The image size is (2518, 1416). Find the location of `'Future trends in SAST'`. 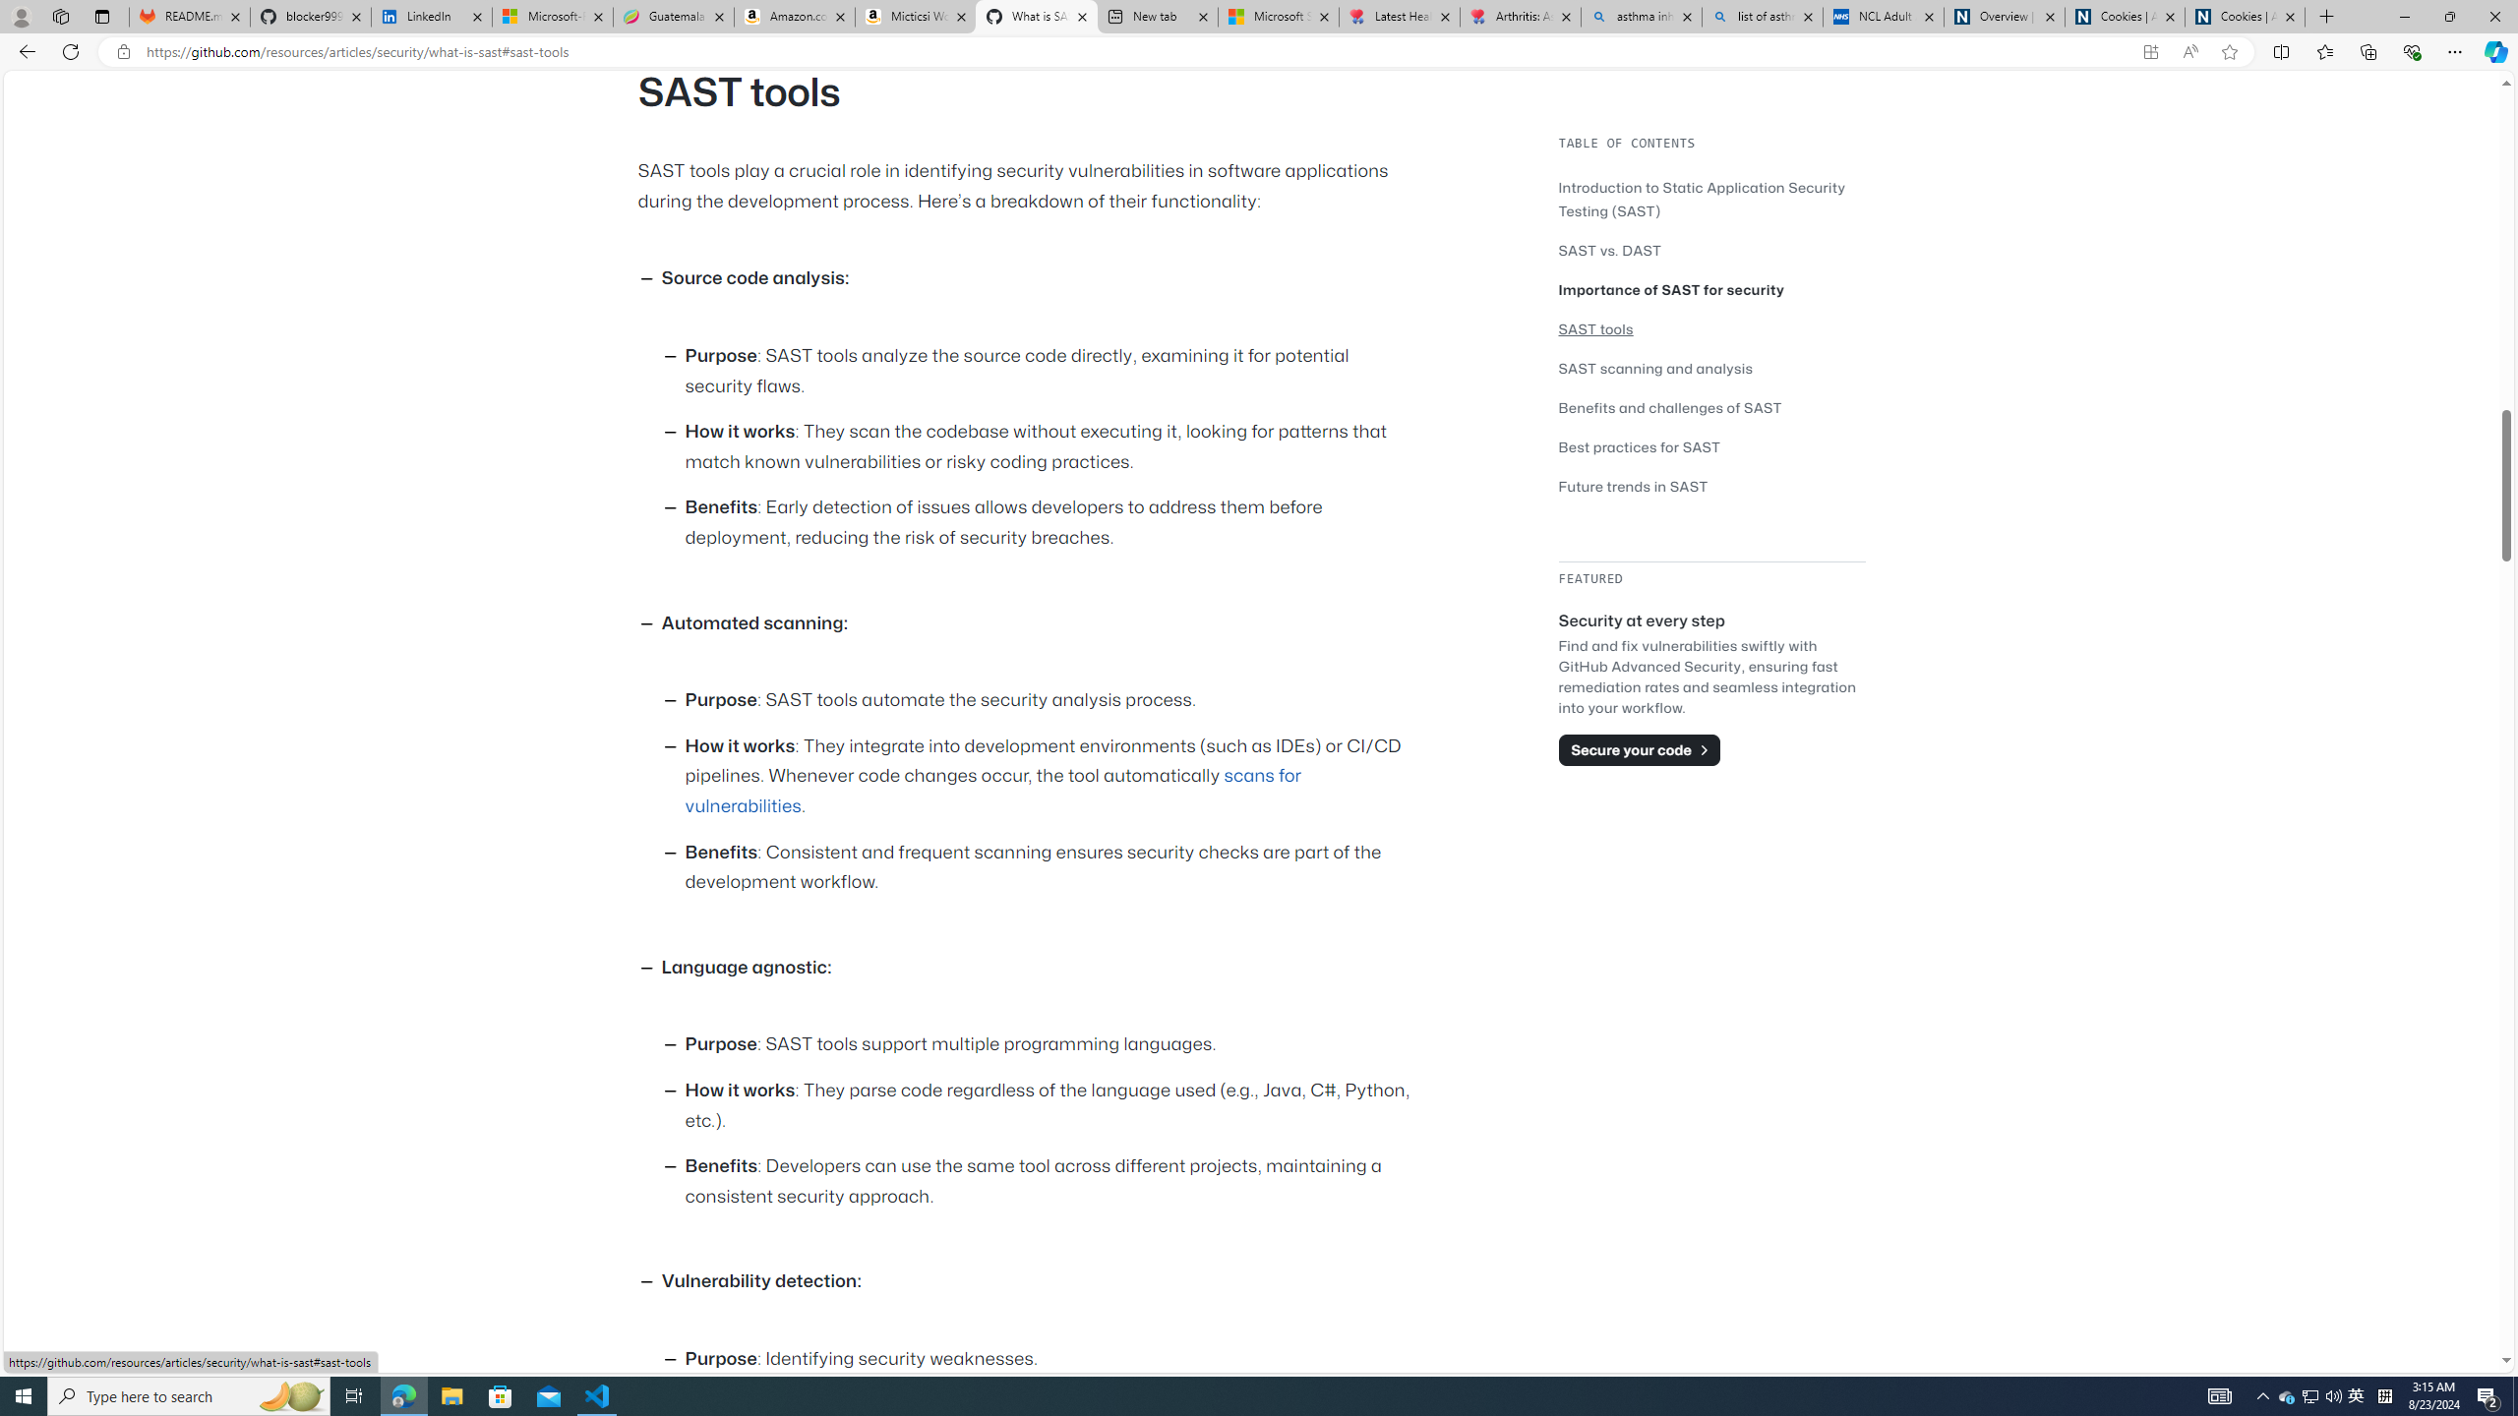

'Future trends in SAST' is located at coordinates (1633, 486).